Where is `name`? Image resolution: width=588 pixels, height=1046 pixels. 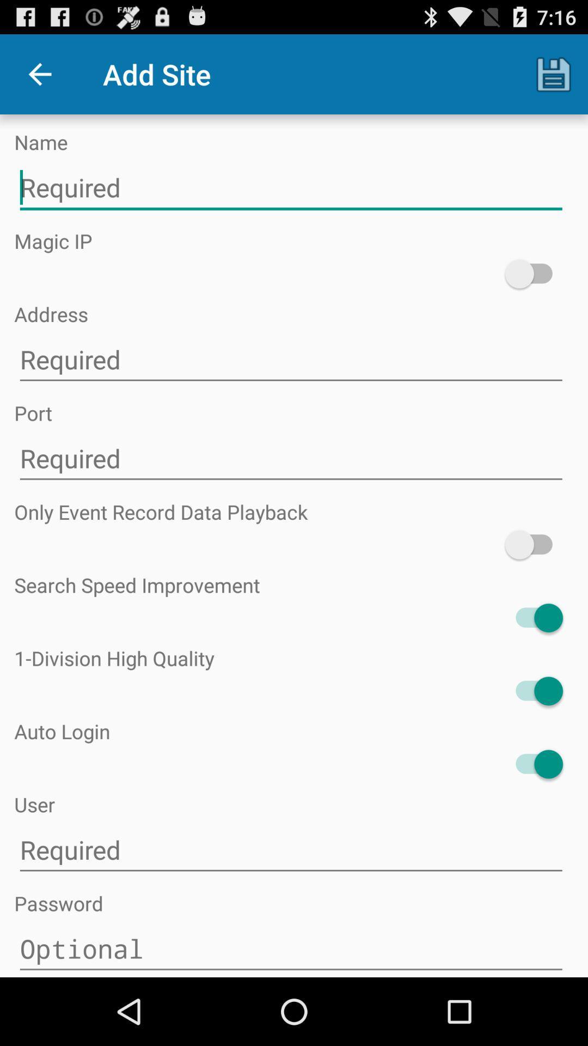 name is located at coordinates (290, 188).